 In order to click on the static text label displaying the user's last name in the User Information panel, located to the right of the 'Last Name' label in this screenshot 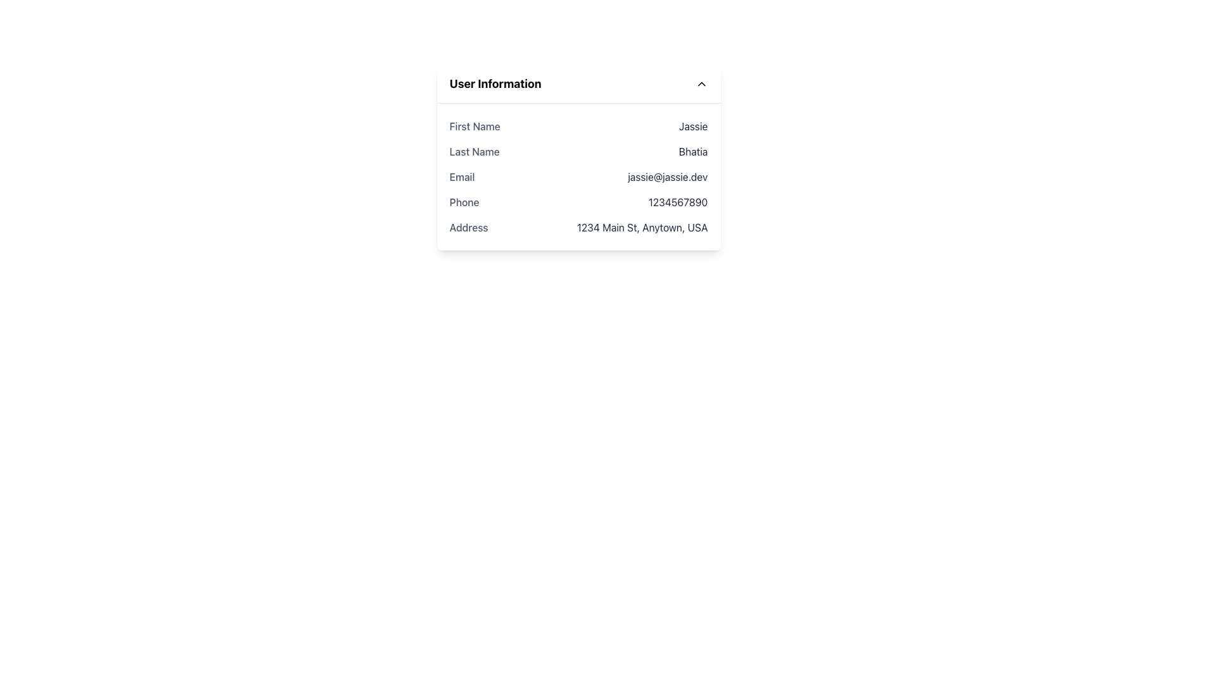, I will do `click(692, 151)`.